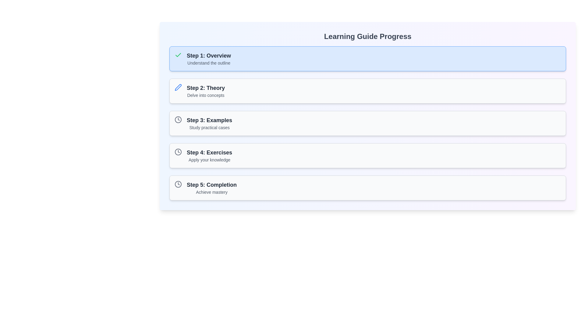  I want to click on the informational text content that communicates 'Step 3: Examples' and the description 'Study practical cases', so click(209, 123).